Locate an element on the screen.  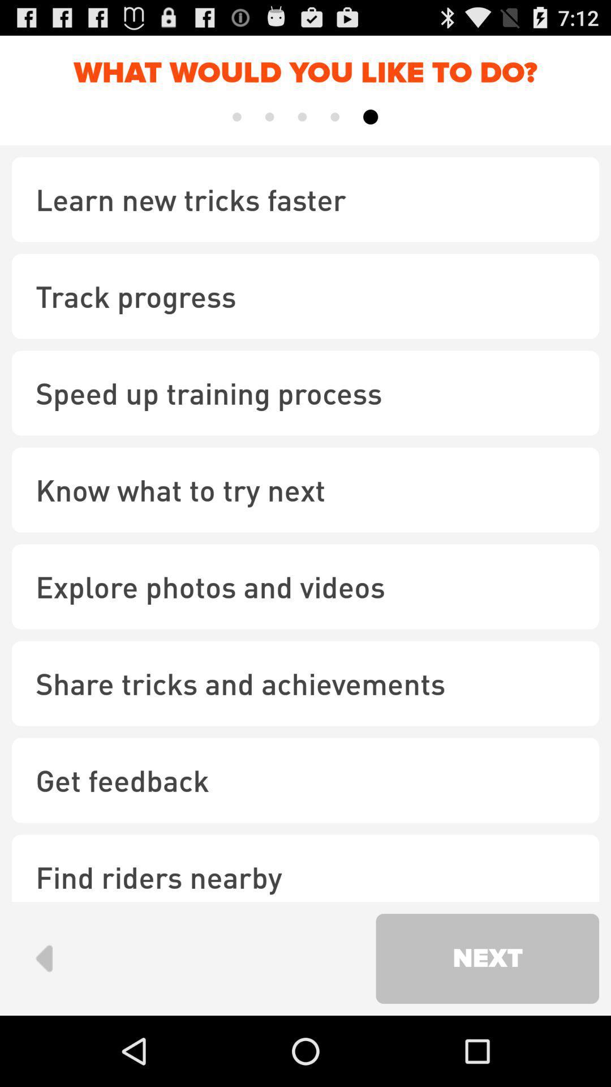
the icon next to the next is located at coordinates (43, 958).